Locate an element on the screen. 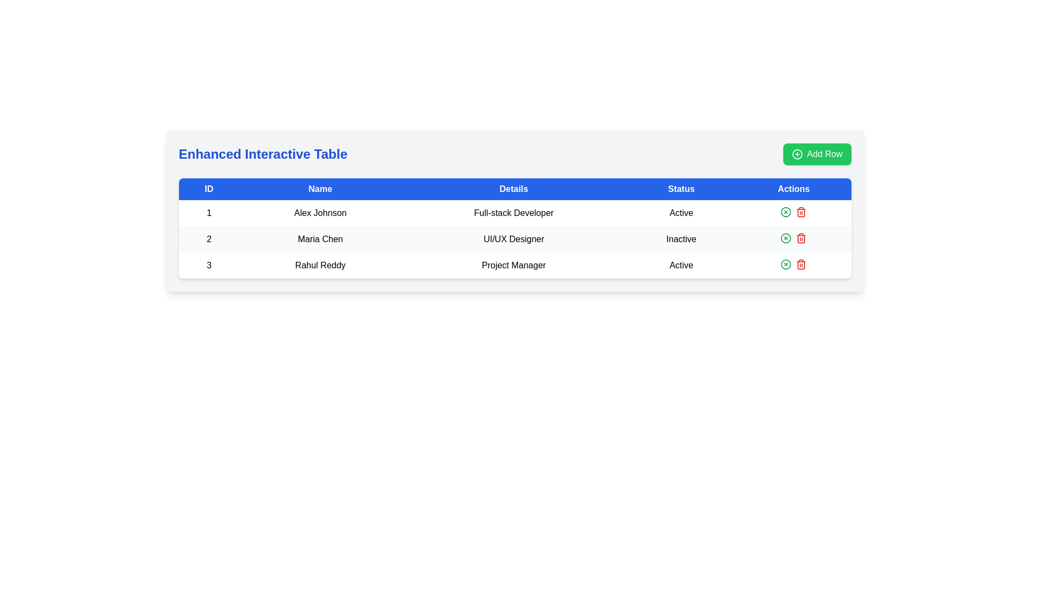 This screenshot has height=589, width=1048. the text label displaying 'Active' in the first row of the table under the 'Status' column, indicating the user's status is located at coordinates (681, 213).